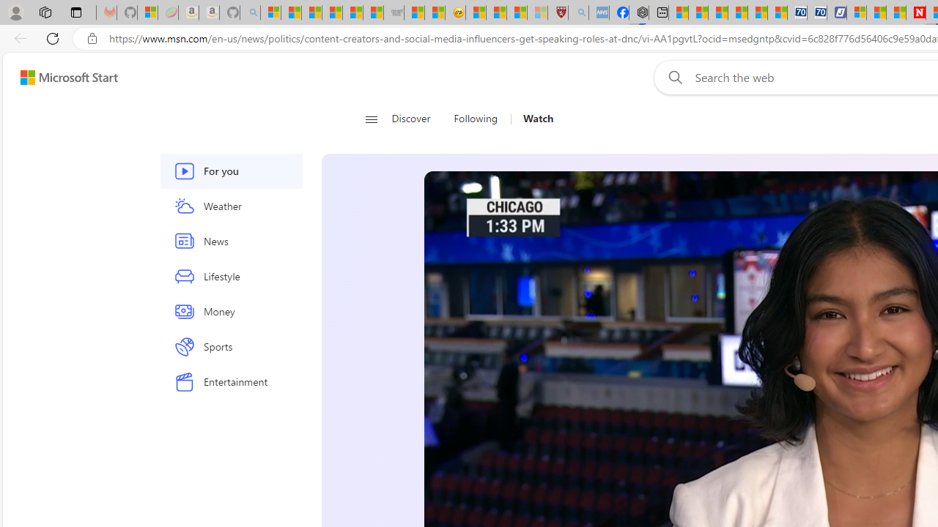 Image resolution: width=938 pixels, height=527 pixels. Describe the element at coordinates (352, 12) in the screenshot. I see `'New Report Confirms 2023 Was Record Hot | Watch'` at that location.